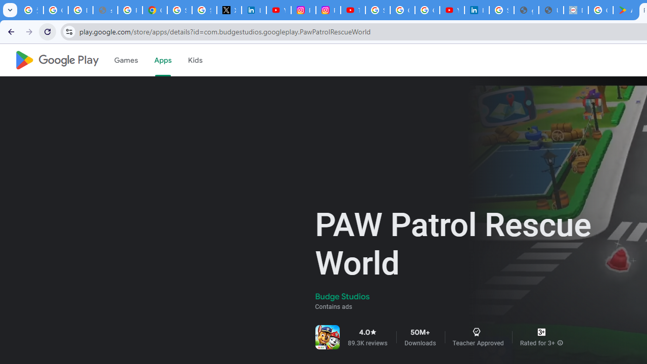  What do you see at coordinates (125, 60) in the screenshot?
I see `'Games'` at bounding box center [125, 60].